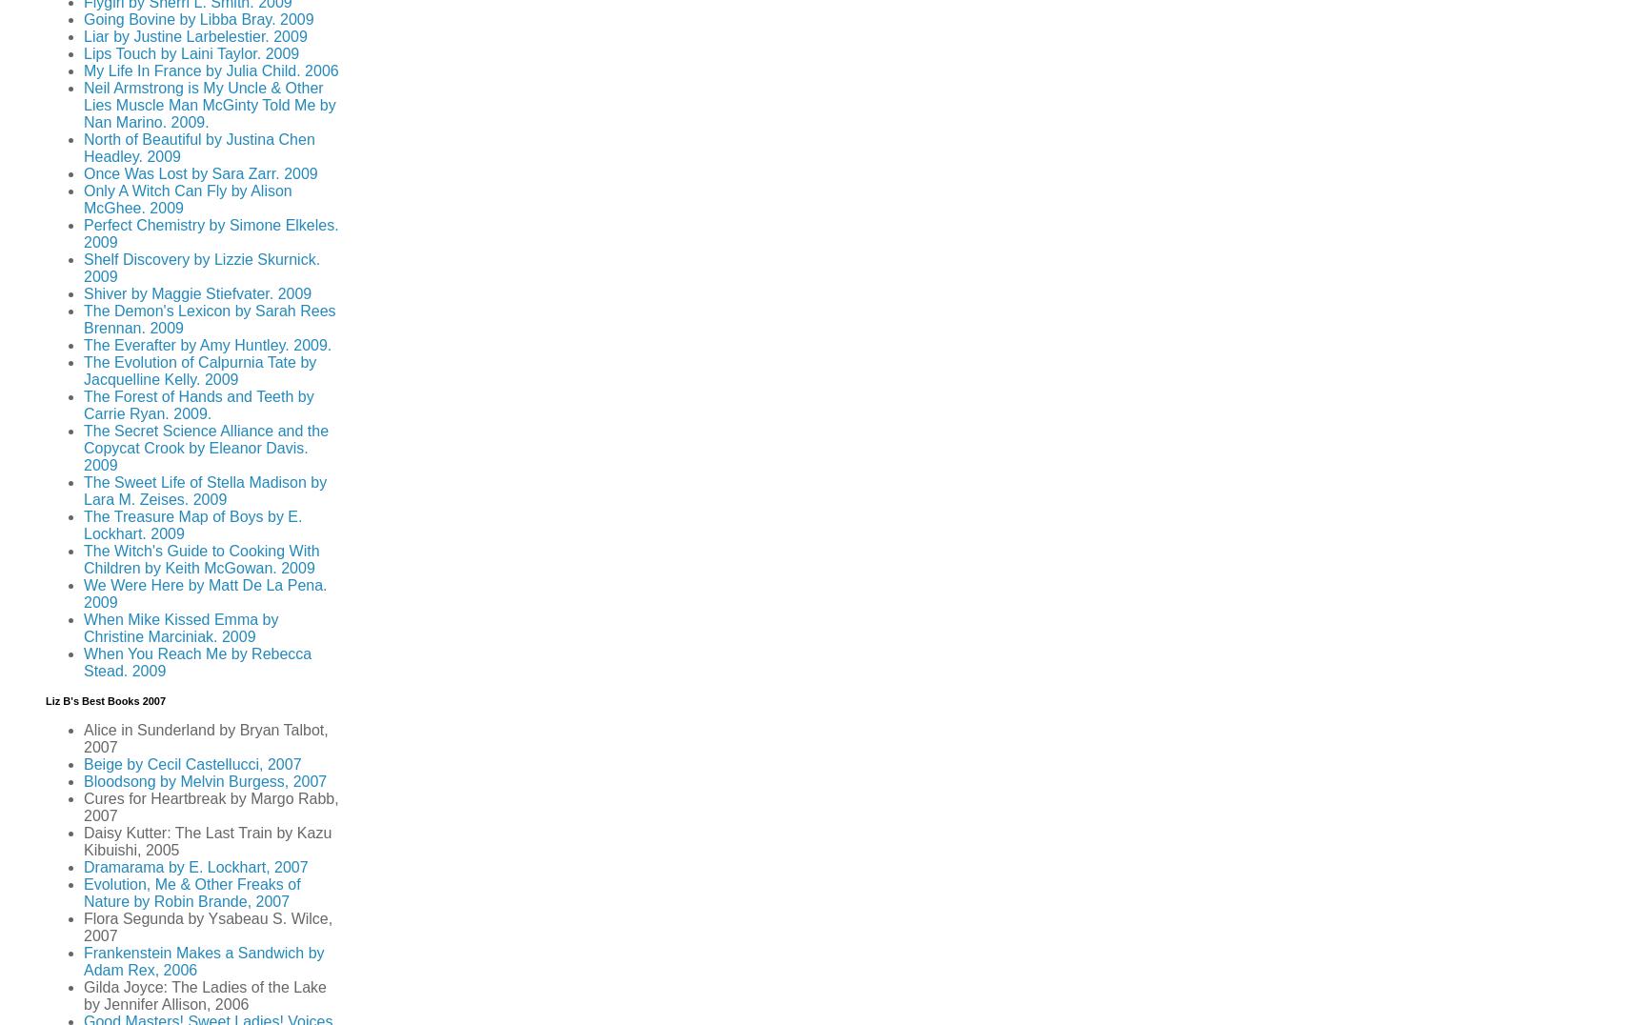 Image resolution: width=1628 pixels, height=1025 pixels. I want to click on 'Only A Witch Can Fly by Alison McGhee. 2009', so click(187, 198).